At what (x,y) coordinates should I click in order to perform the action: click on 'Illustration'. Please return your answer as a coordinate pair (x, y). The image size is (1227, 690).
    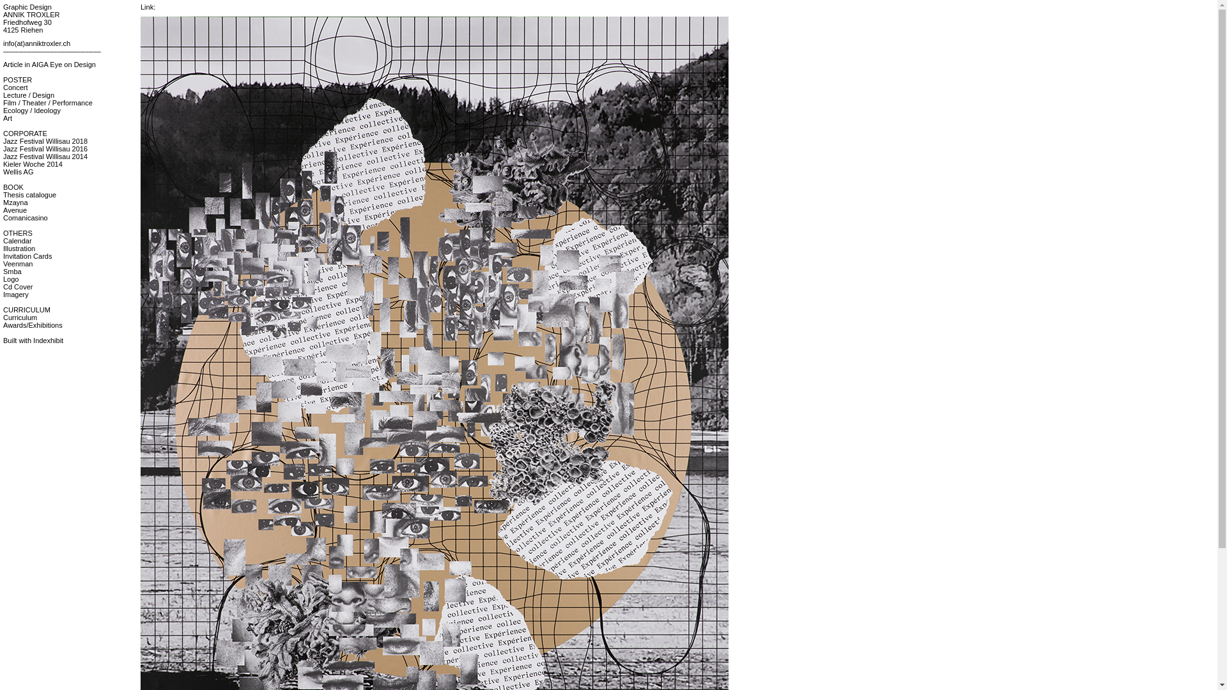
    Looking at the image, I should click on (3, 249).